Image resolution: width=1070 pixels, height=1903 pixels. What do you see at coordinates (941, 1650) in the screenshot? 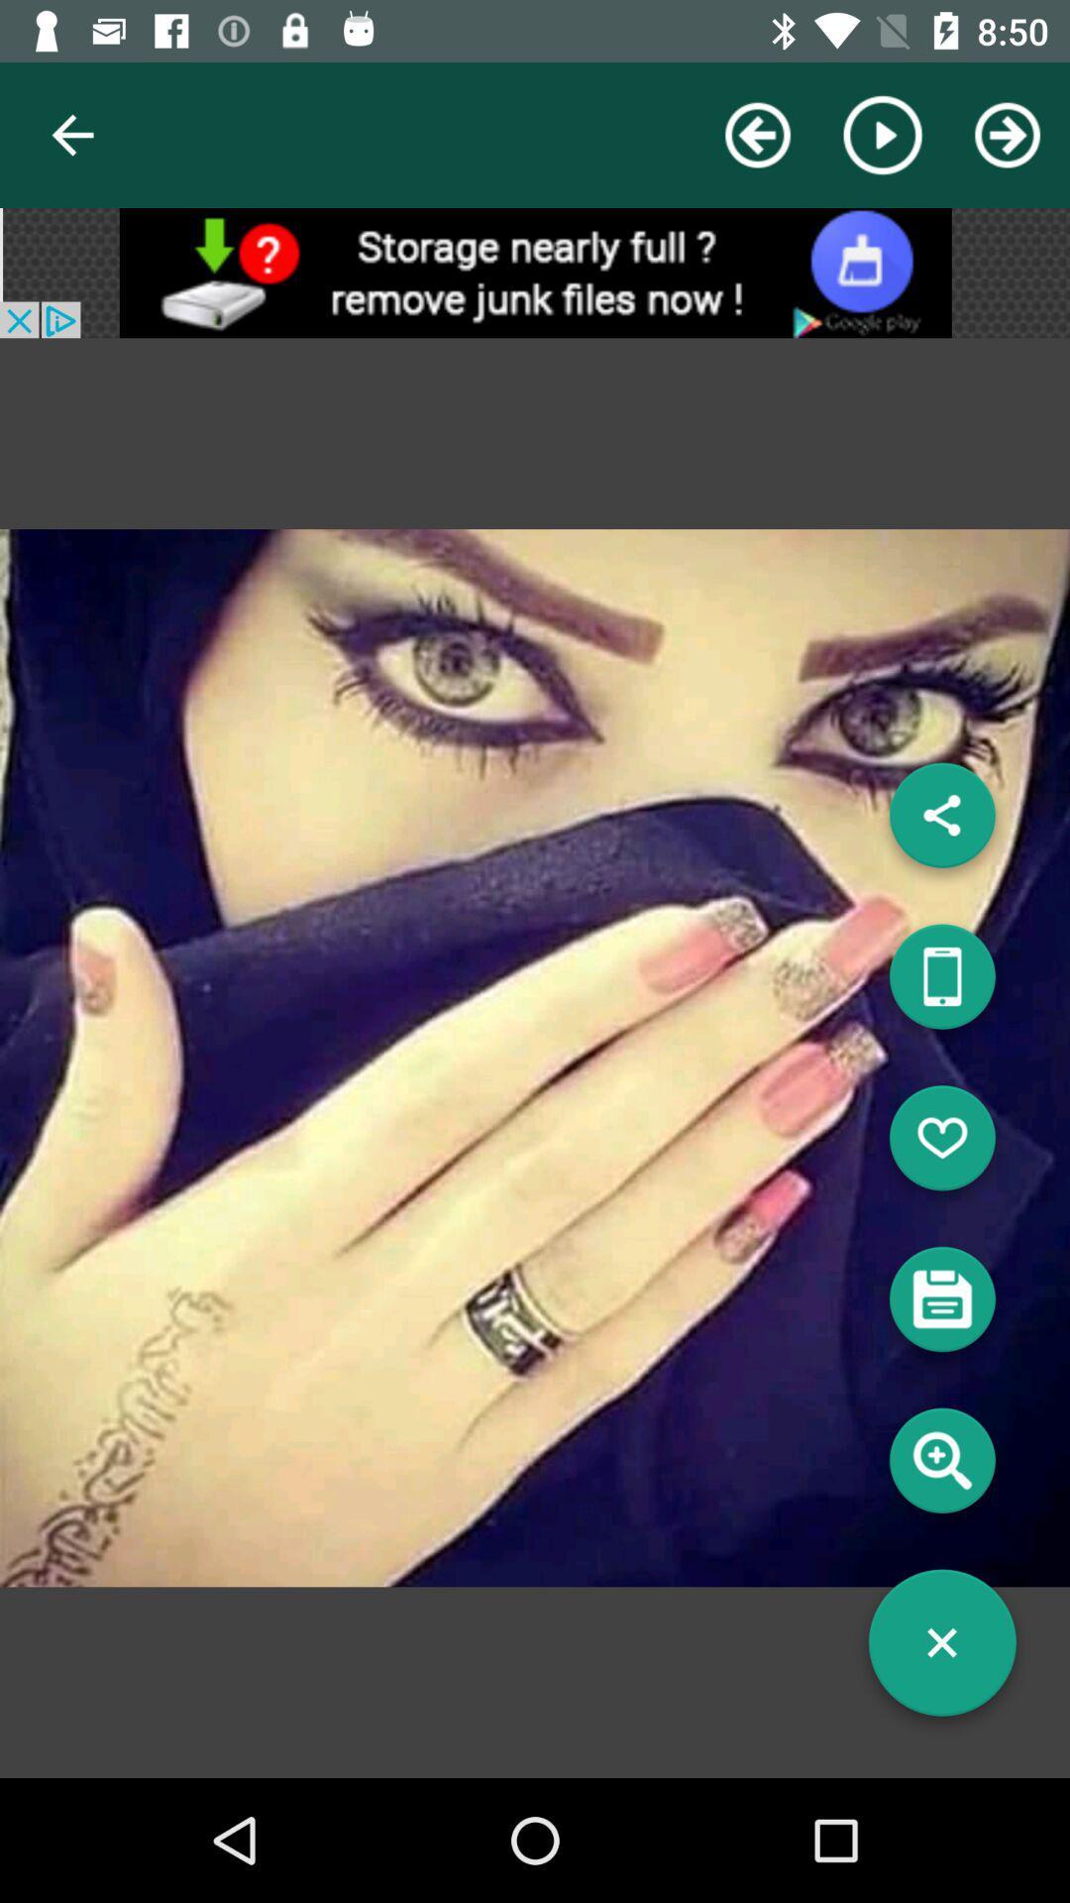
I see `button` at bounding box center [941, 1650].